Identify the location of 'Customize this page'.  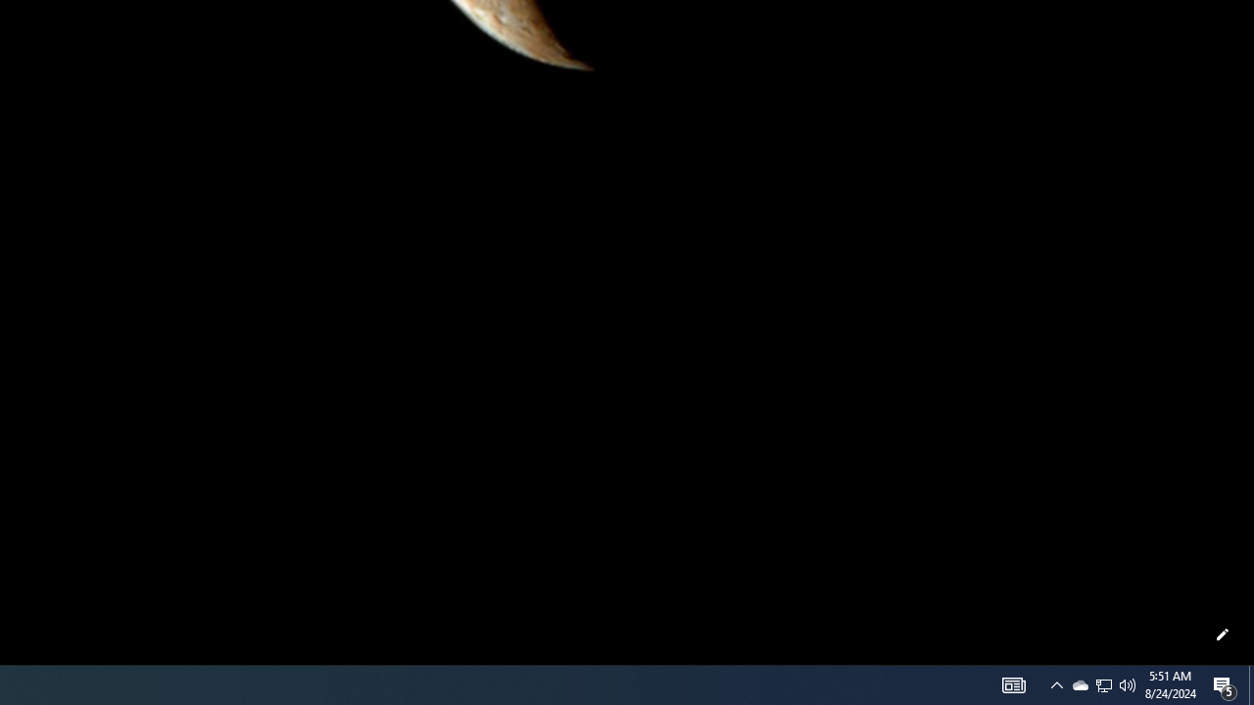
(1222, 634).